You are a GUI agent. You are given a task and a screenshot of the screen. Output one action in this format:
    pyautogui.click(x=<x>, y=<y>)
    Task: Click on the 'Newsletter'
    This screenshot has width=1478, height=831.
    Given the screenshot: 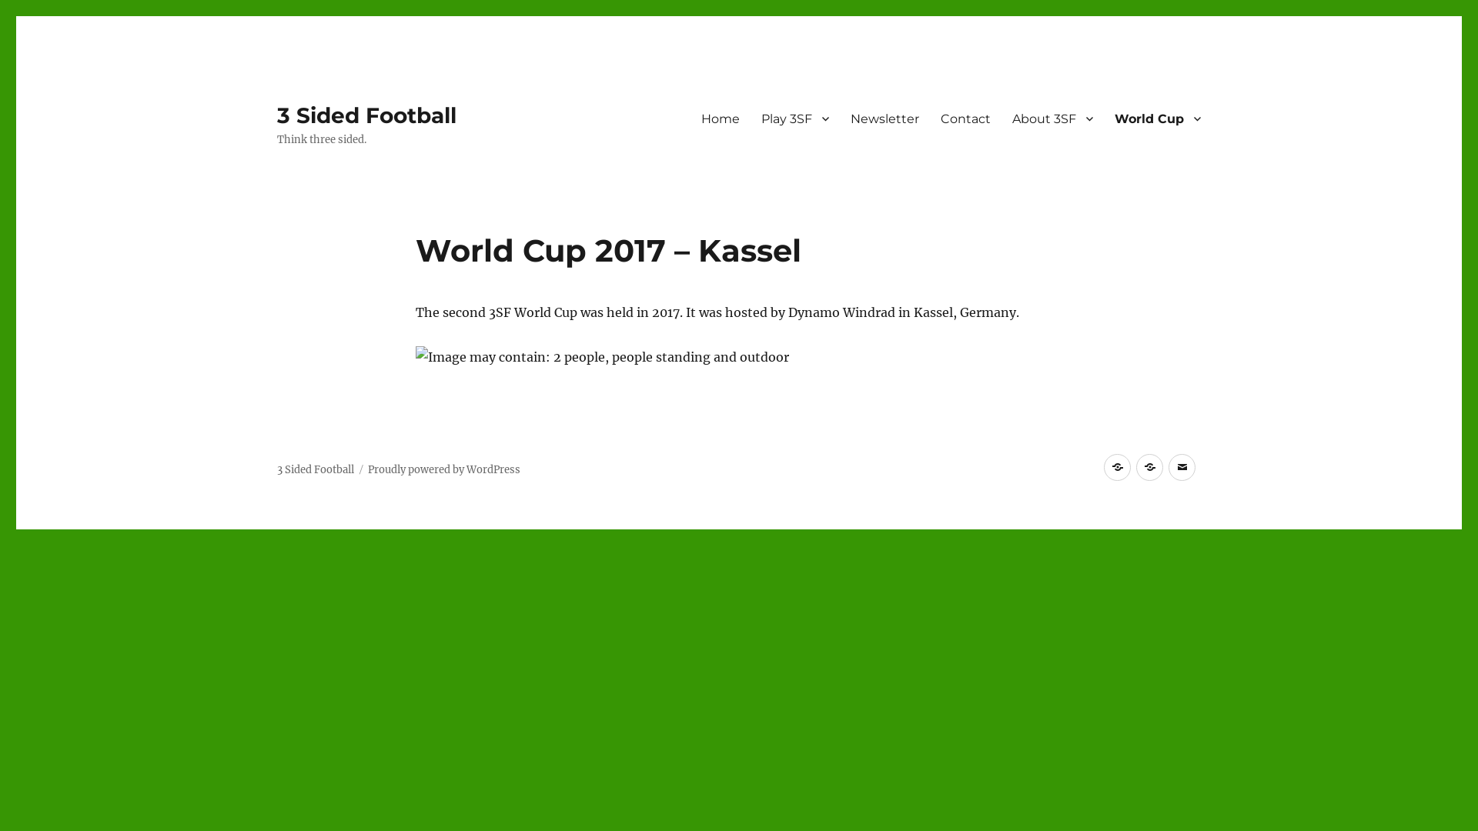 What is the action you would take?
    pyautogui.click(x=884, y=118)
    